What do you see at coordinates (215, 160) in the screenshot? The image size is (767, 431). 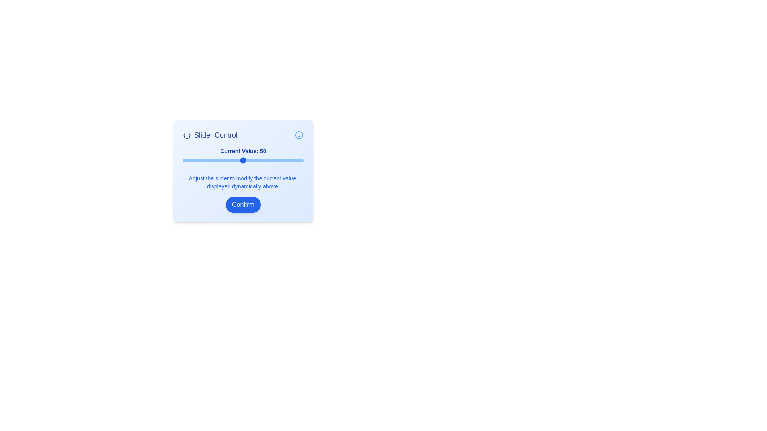 I see `the slider value` at bounding box center [215, 160].